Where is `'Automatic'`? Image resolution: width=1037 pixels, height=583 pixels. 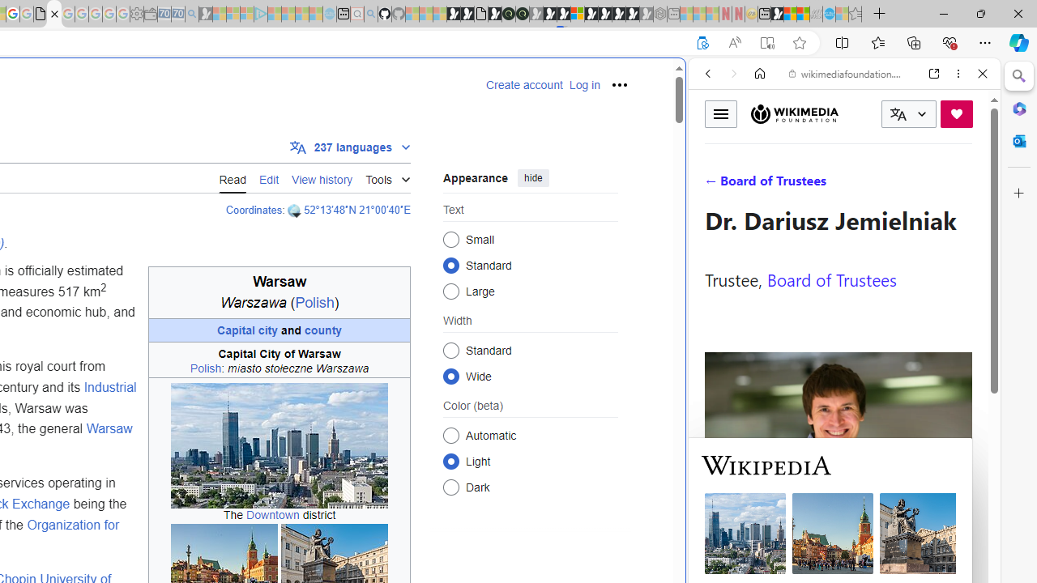
'Automatic' is located at coordinates (450, 434).